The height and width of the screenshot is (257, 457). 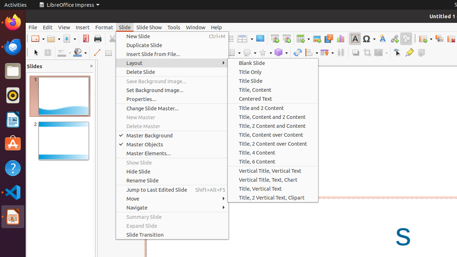 I want to click on 'Edit', so click(x=47, y=27).